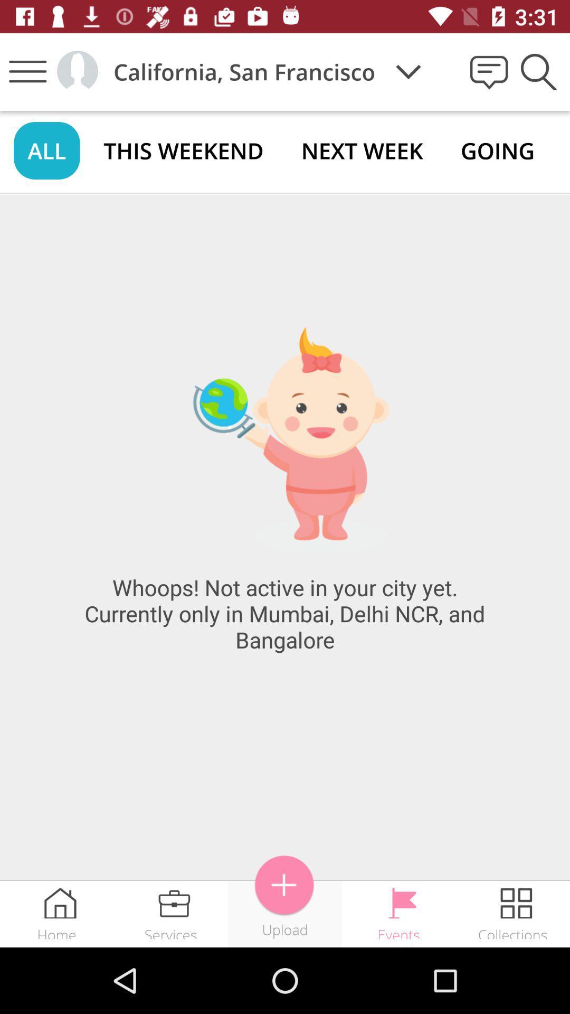 The image size is (570, 1014). What do you see at coordinates (27, 71) in the screenshot?
I see `icon above all` at bounding box center [27, 71].